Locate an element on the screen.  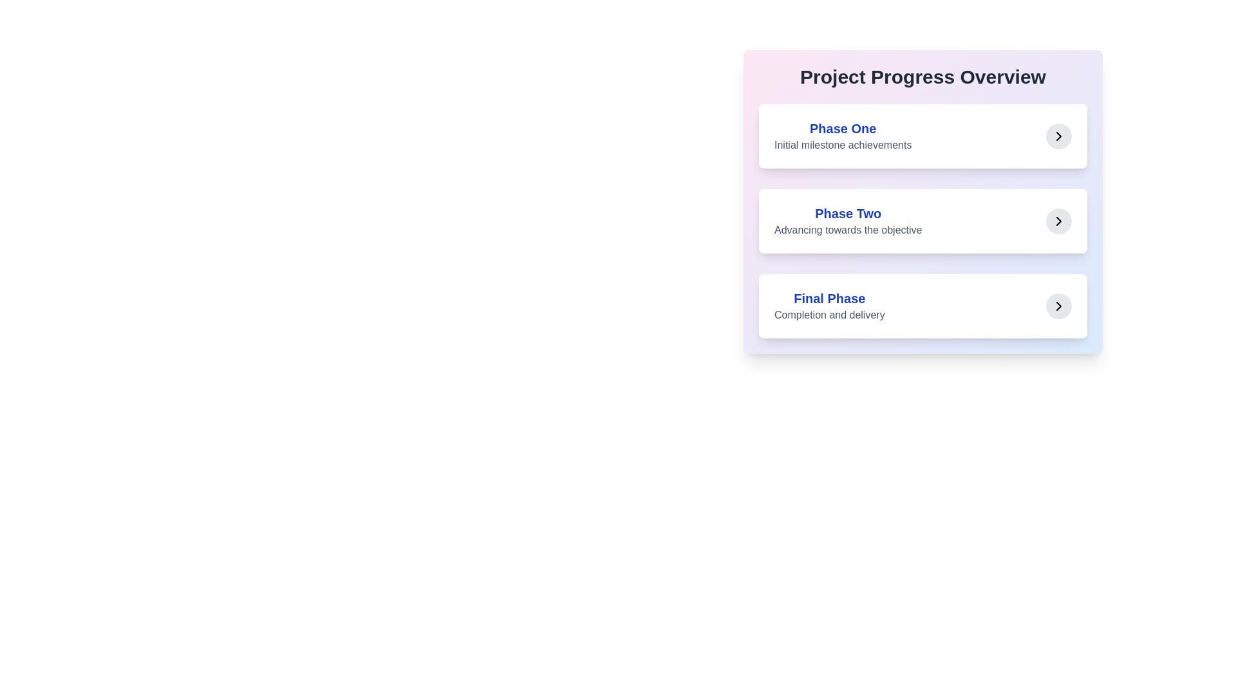
the navigation button located at the far right of the 'Phase Two' section of the 'Project Progress Overview' is located at coordinates (1059, 220).